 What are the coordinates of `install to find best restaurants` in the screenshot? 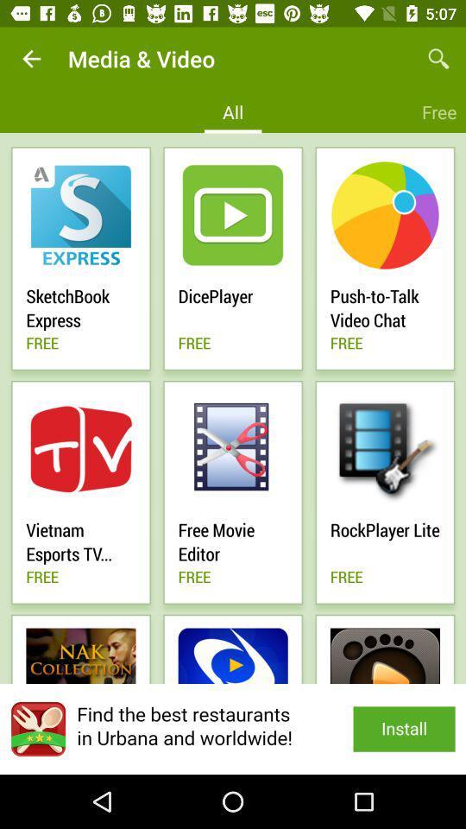 It's located at (233, 728).